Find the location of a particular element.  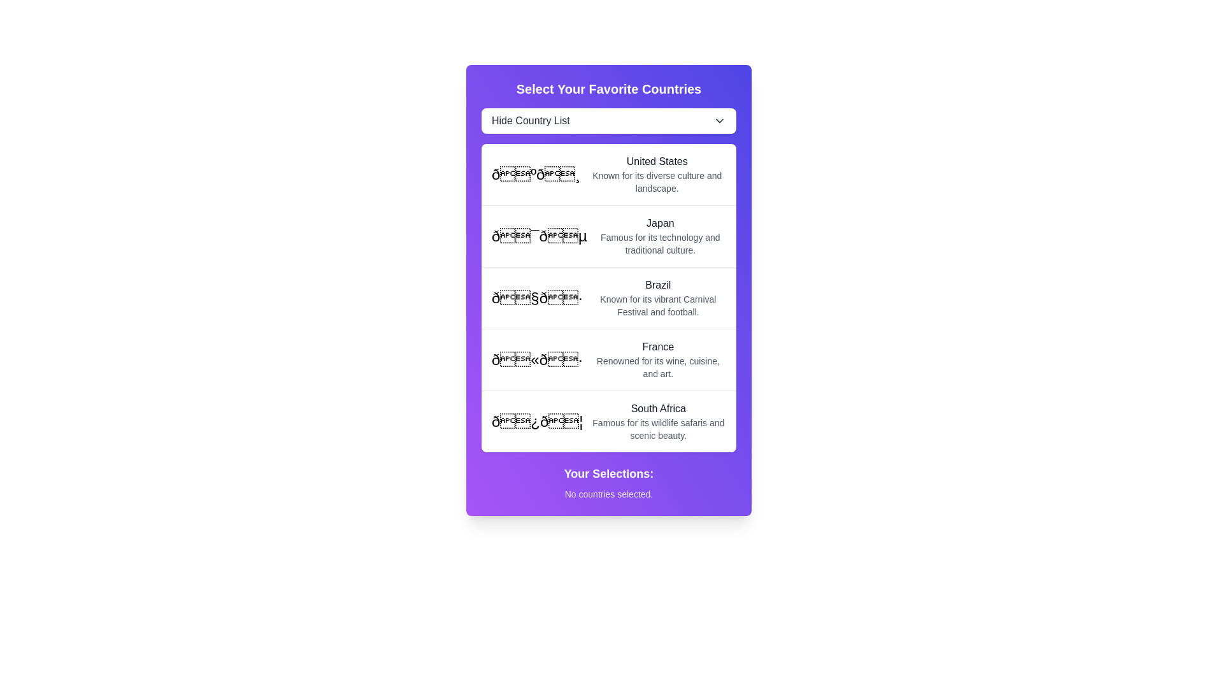

the list item displaying the France flag emoji, bold text 'France', and description 'Renowned for its wine, cuisine, and art.' is located at coordinates (608, 359).